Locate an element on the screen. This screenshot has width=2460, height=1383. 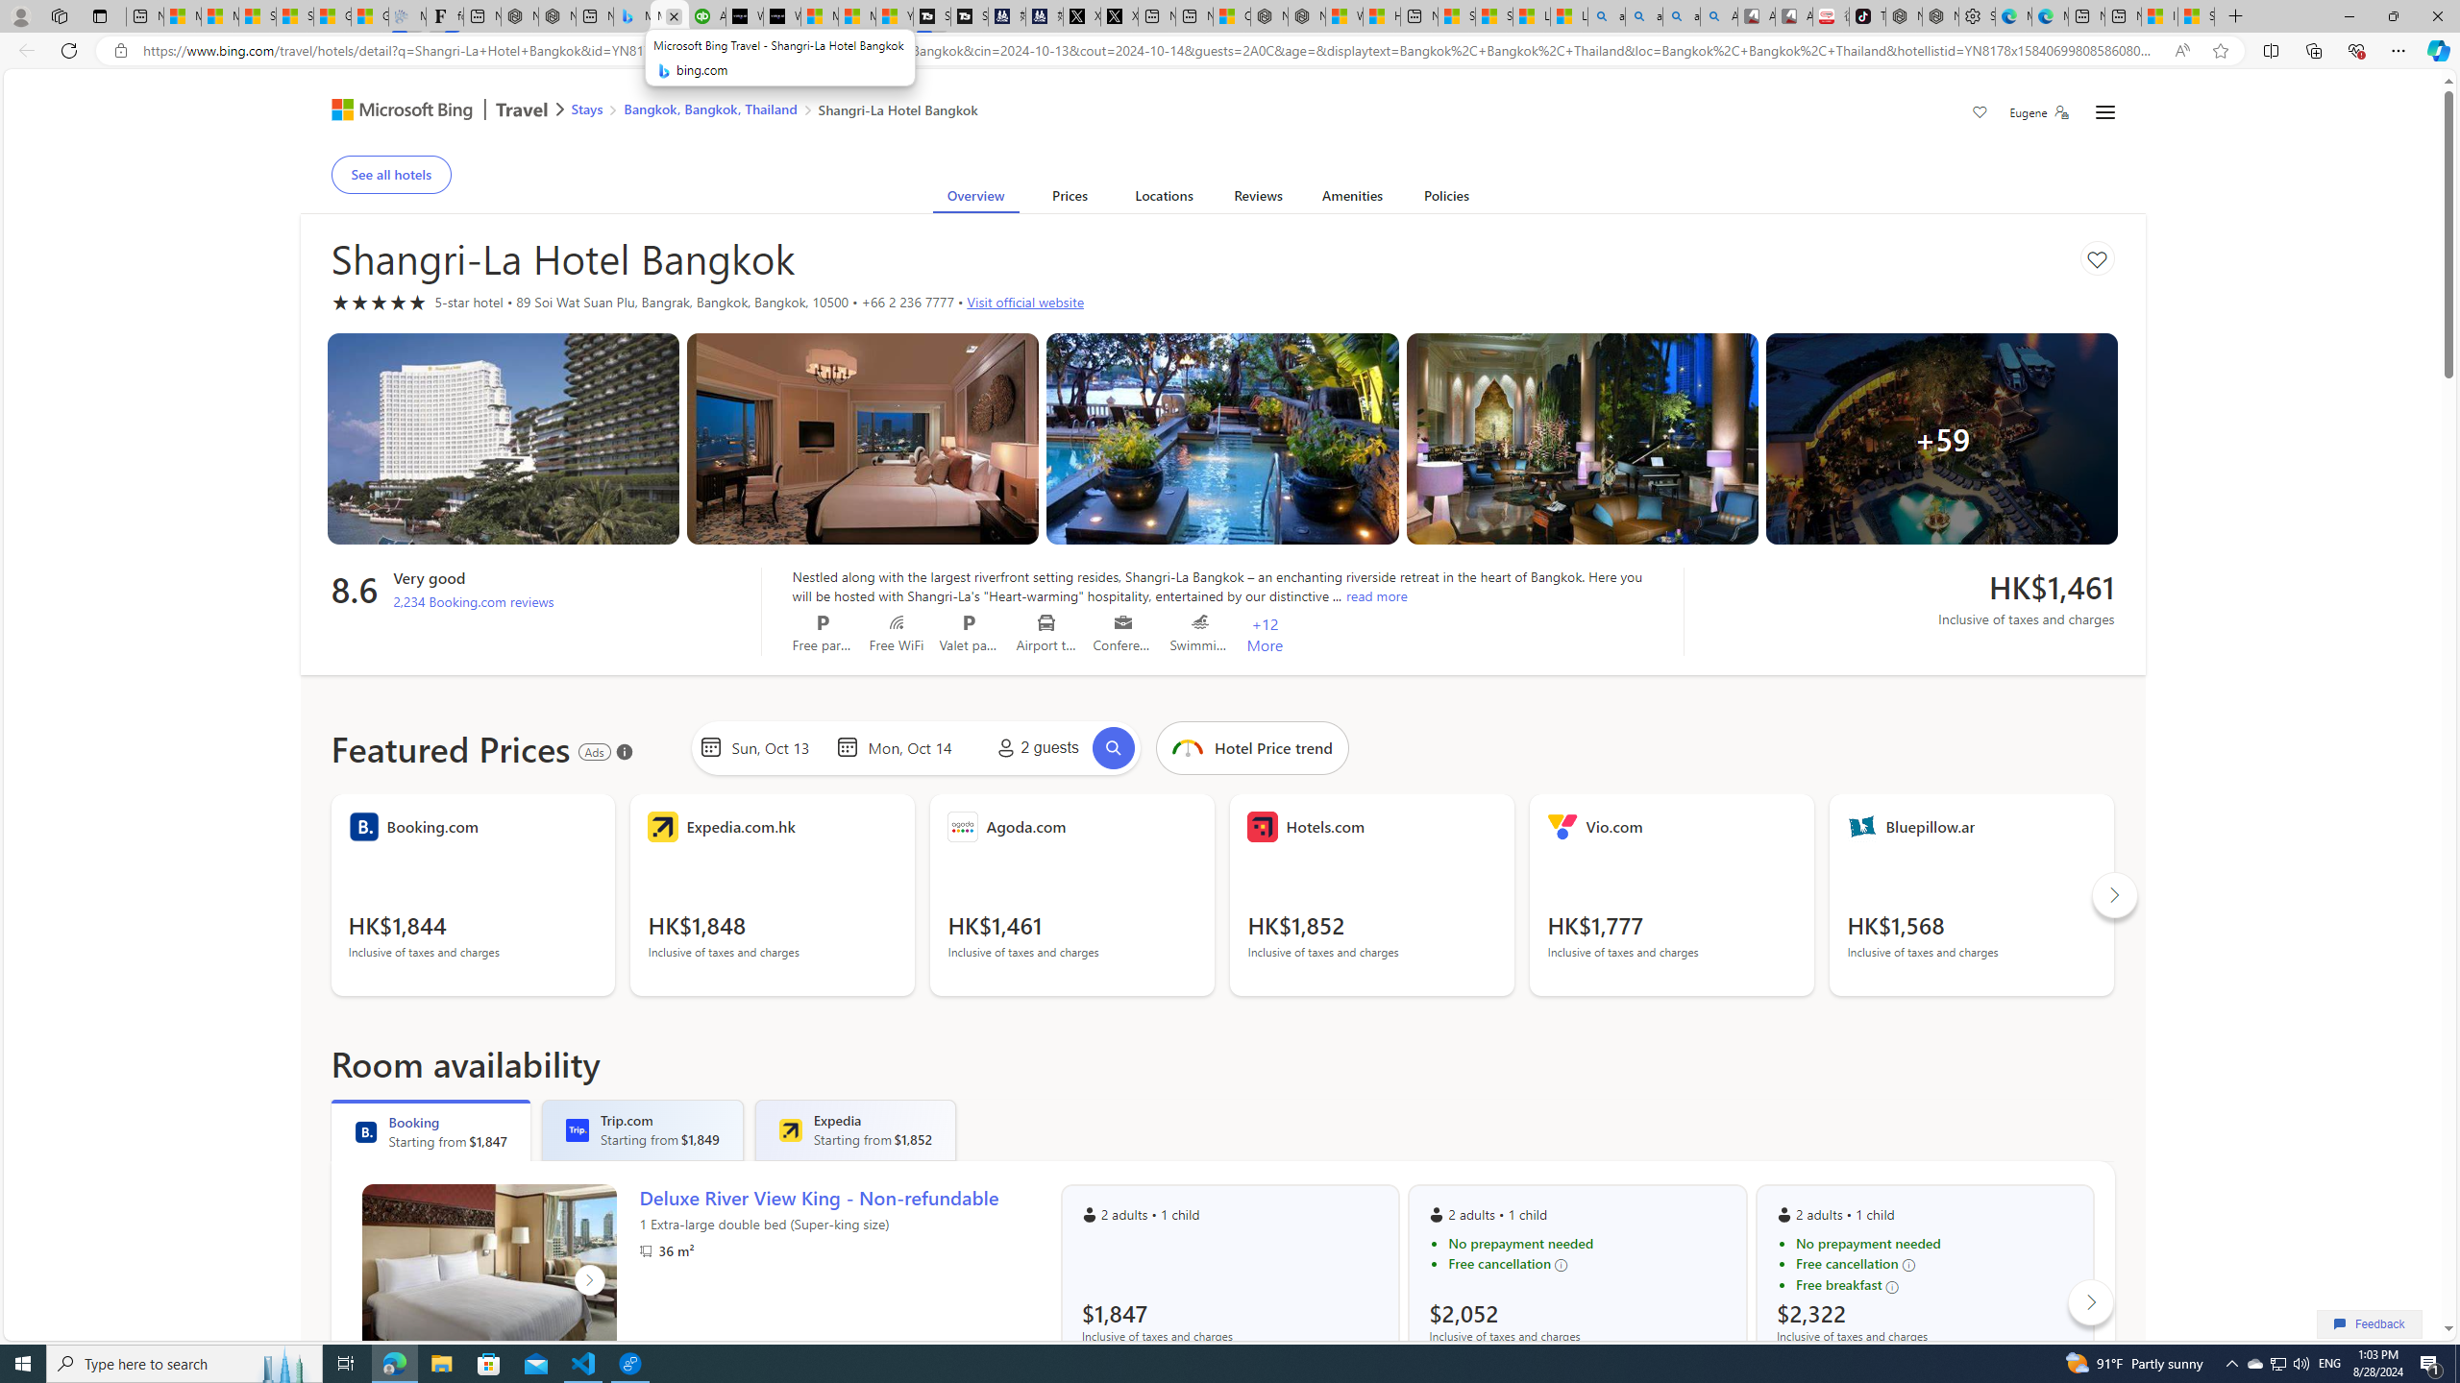
'All Cubot phones' is located at coordinates (1793, 15).